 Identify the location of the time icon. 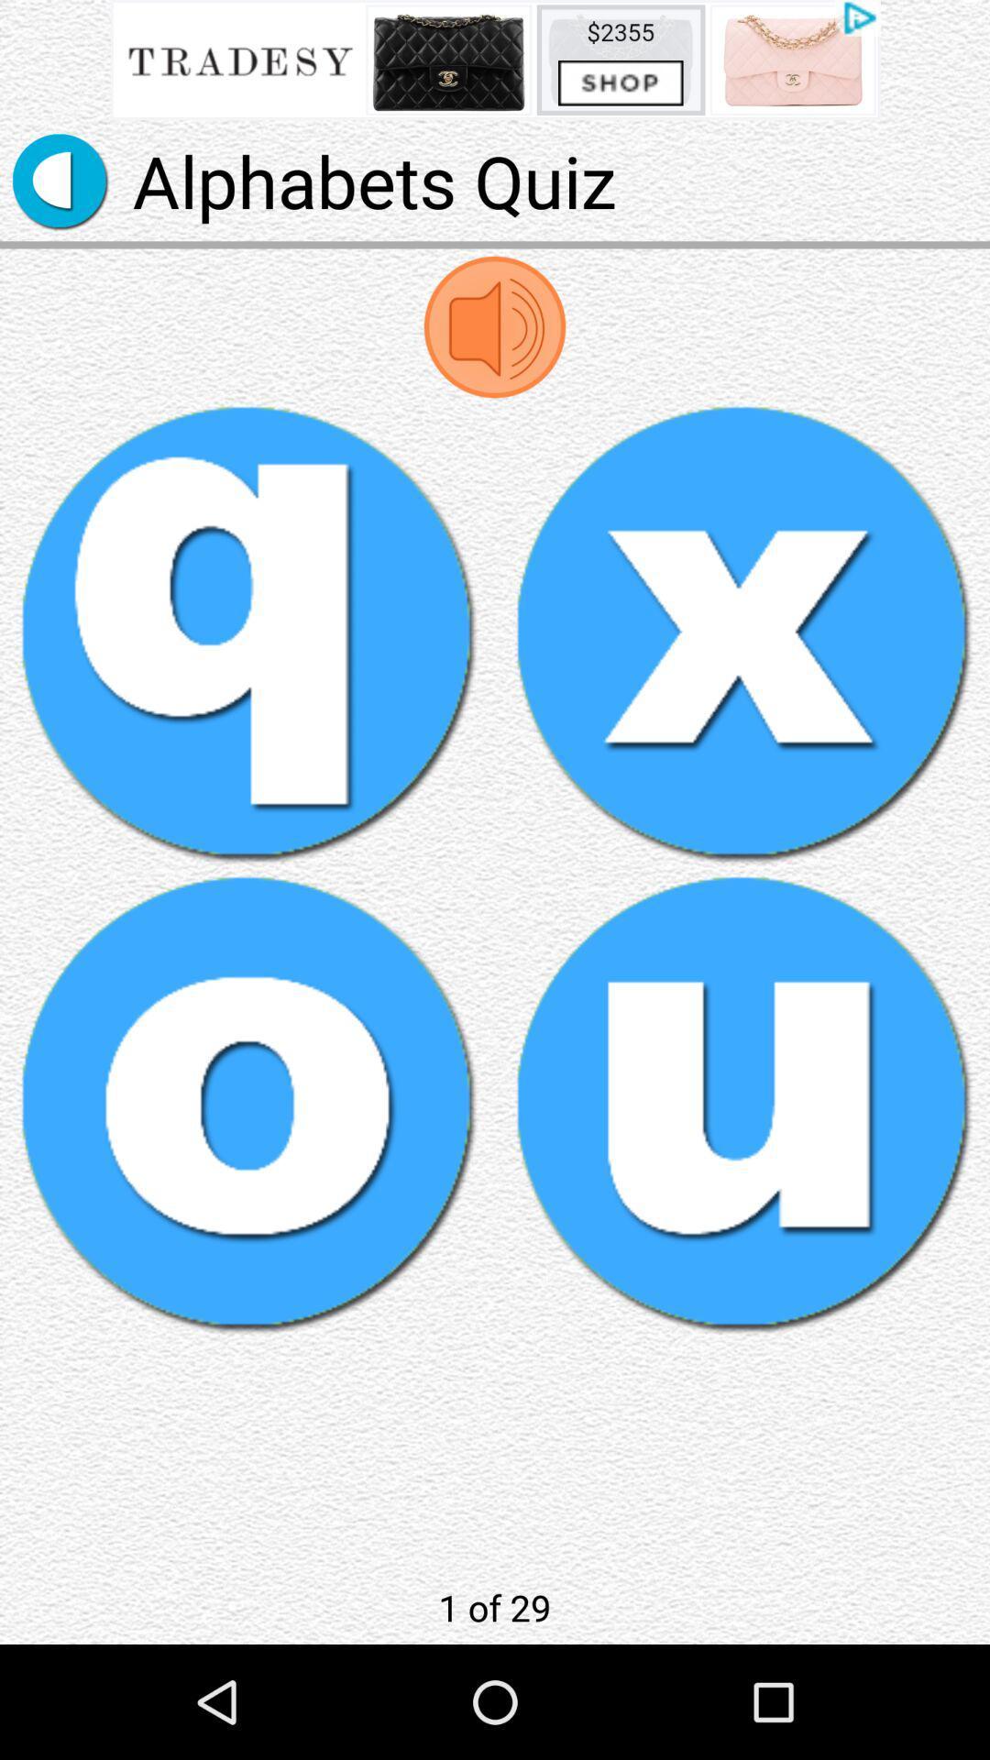
(59, 192).